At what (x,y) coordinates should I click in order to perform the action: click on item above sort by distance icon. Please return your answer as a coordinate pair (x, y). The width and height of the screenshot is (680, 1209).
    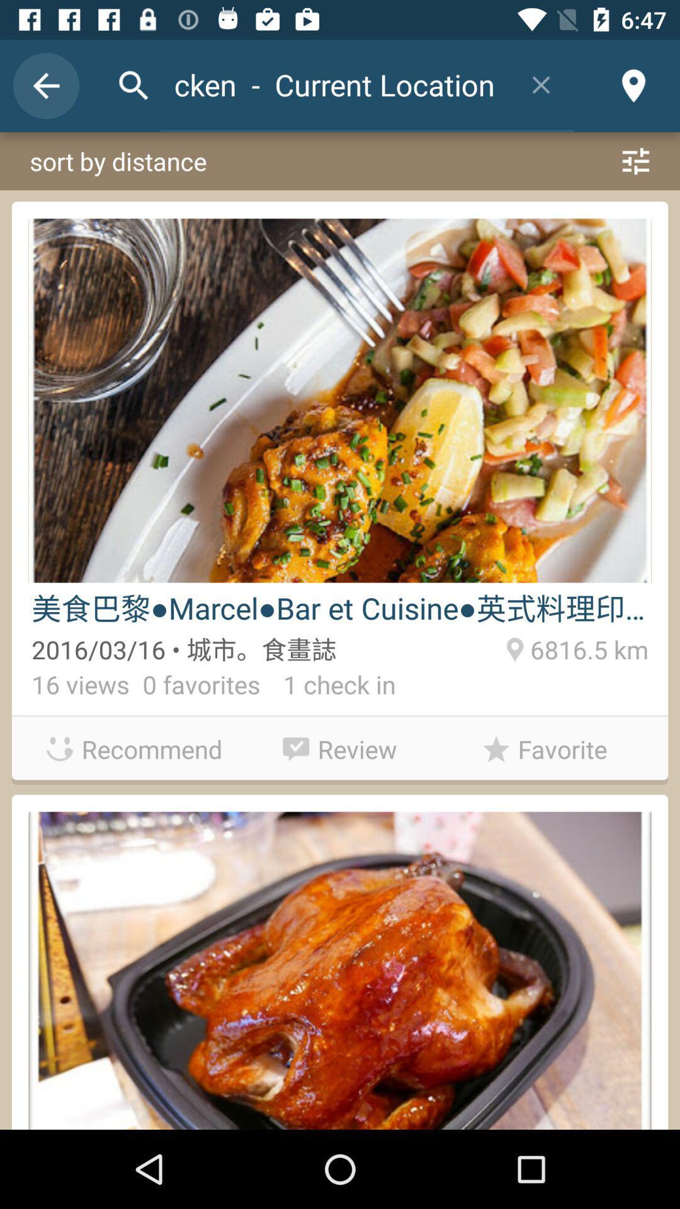
    Looking at the image, I should click on (334, 84).